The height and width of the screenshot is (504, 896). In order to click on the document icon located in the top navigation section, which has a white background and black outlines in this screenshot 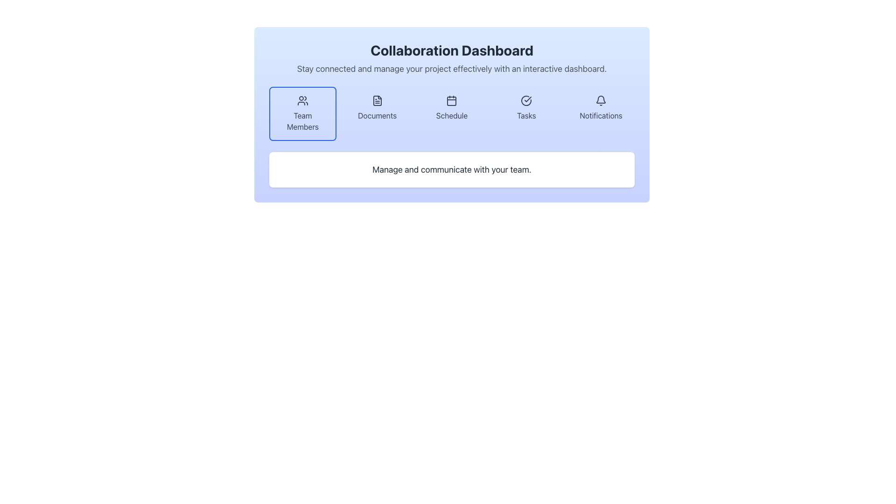, I will do `click(377, 101)`.